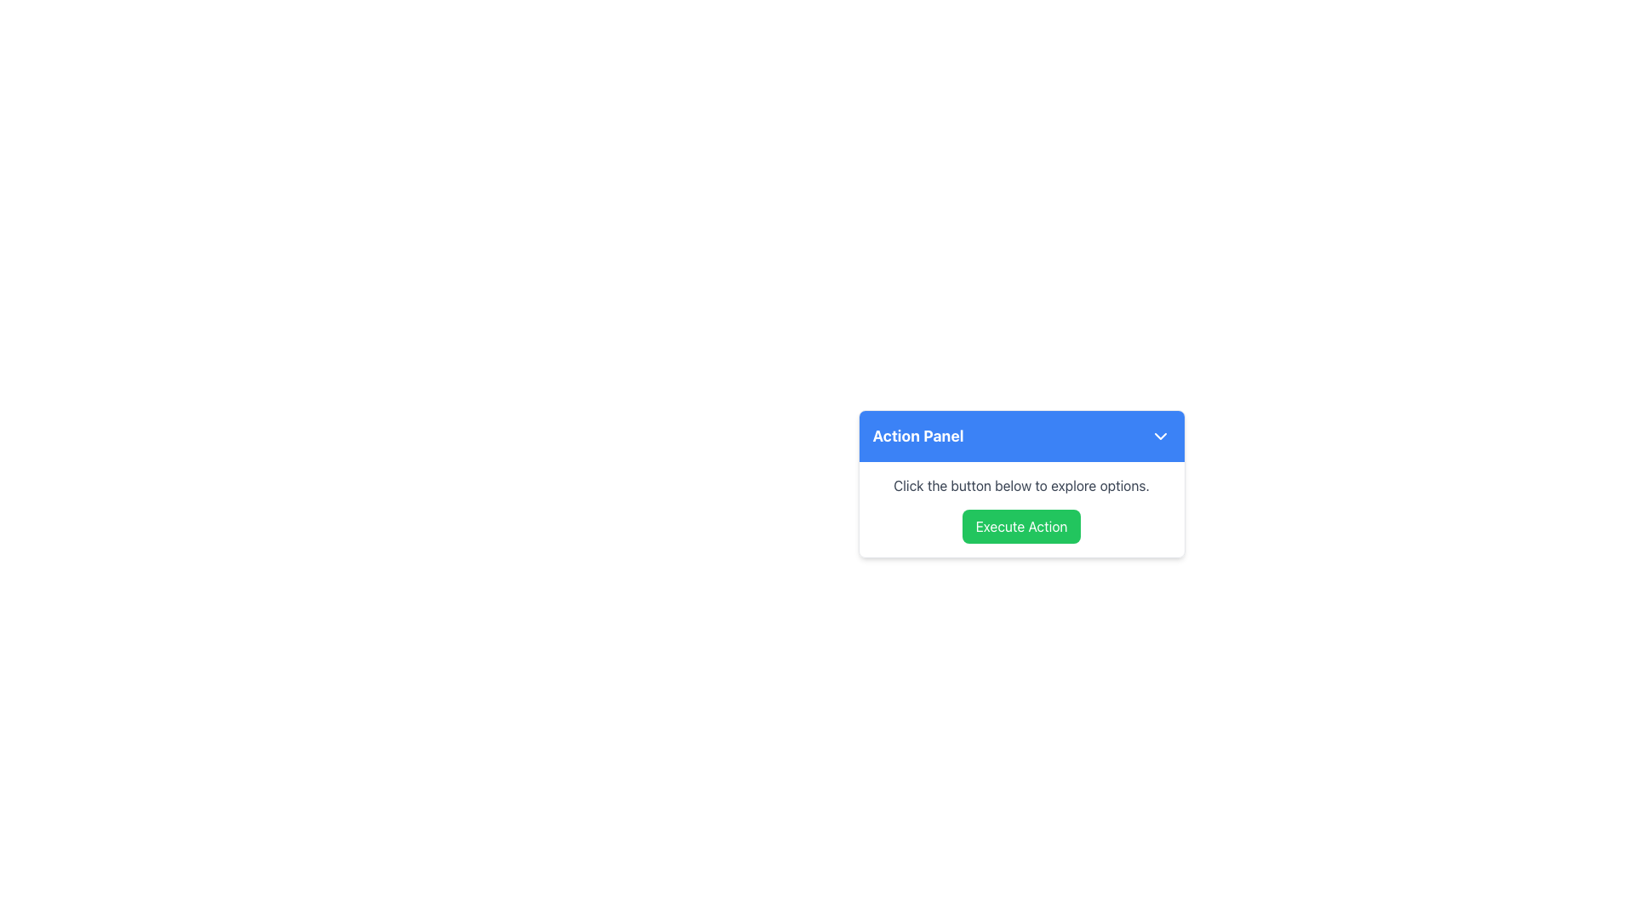 This screenshot has width=1634, height=919. I want to click on the toggle icon button, so click(1159, 436).